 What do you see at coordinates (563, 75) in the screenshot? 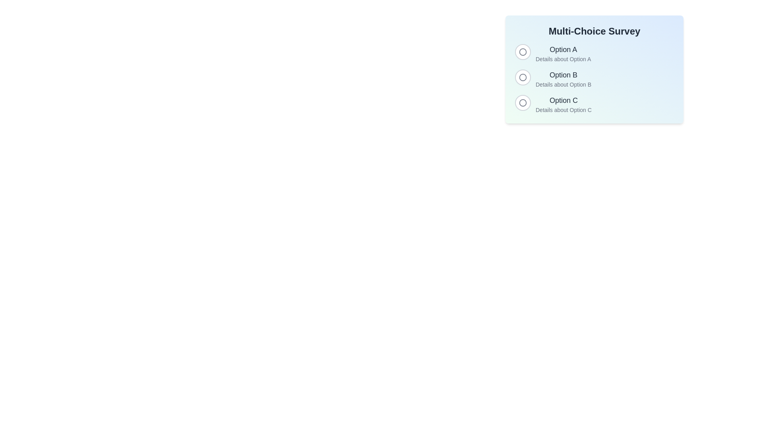
I see `the primary label for the second selection option in the multi-choice survey, located to the right of the corresponding radio button` at bounding box center [563, 75].